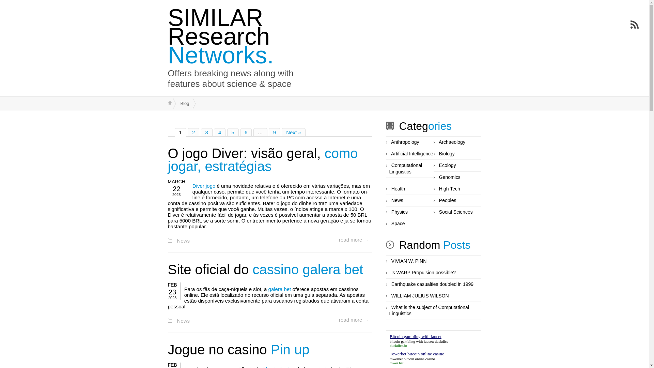 This screenshot has width=654, height=368. I want to click on 'Is WARP Propulsion possible?', so click(423, 273).